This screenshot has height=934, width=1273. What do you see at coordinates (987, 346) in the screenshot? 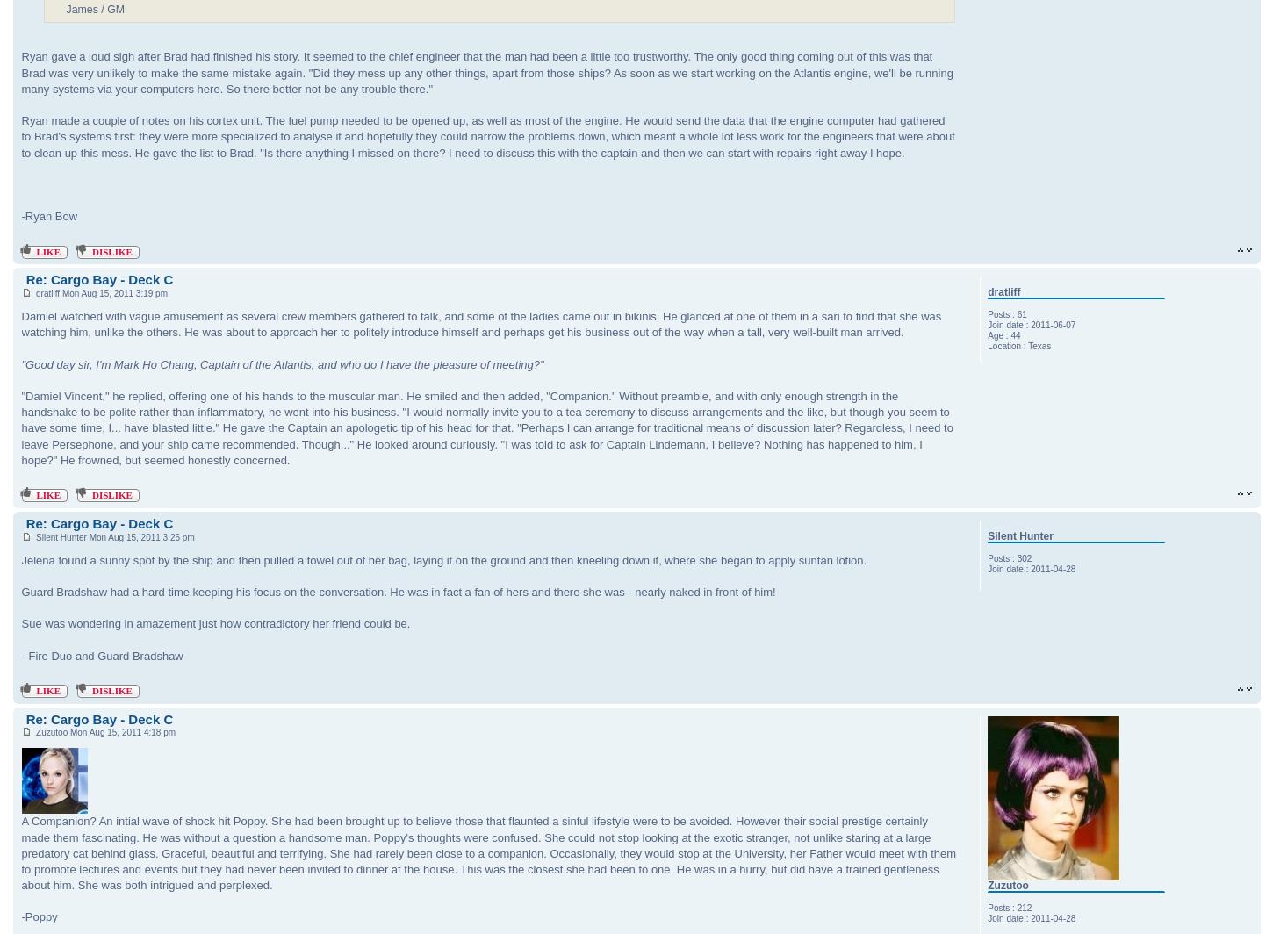
I see `'Location'` at bounding box center [987, 346].